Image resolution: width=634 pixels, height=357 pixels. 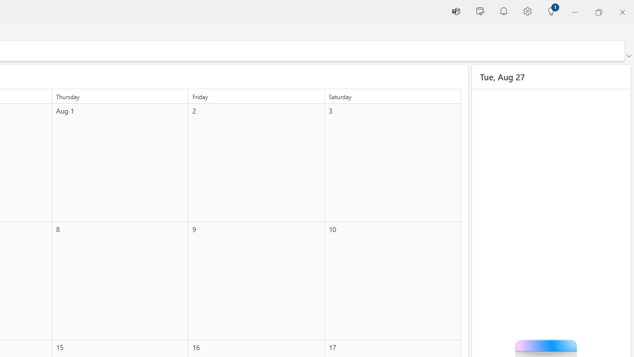 What do you see at coordinates (628, 56) in the screenshot?
I see `'Ribbon display options'` at bounding box center [628, 56].